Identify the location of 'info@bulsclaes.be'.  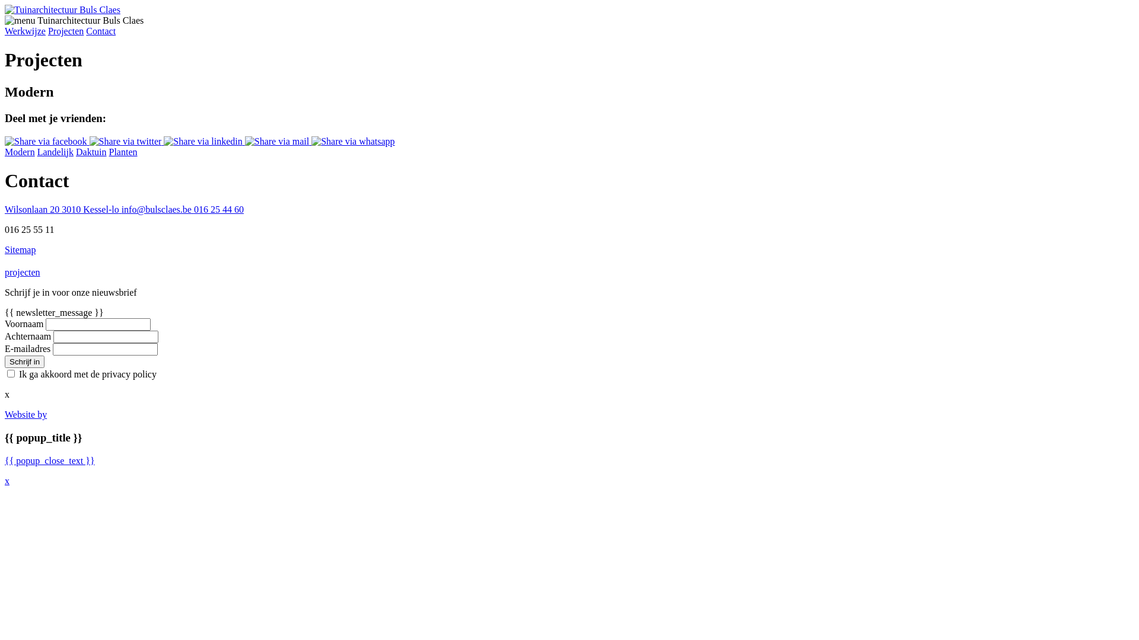
(157, 209).